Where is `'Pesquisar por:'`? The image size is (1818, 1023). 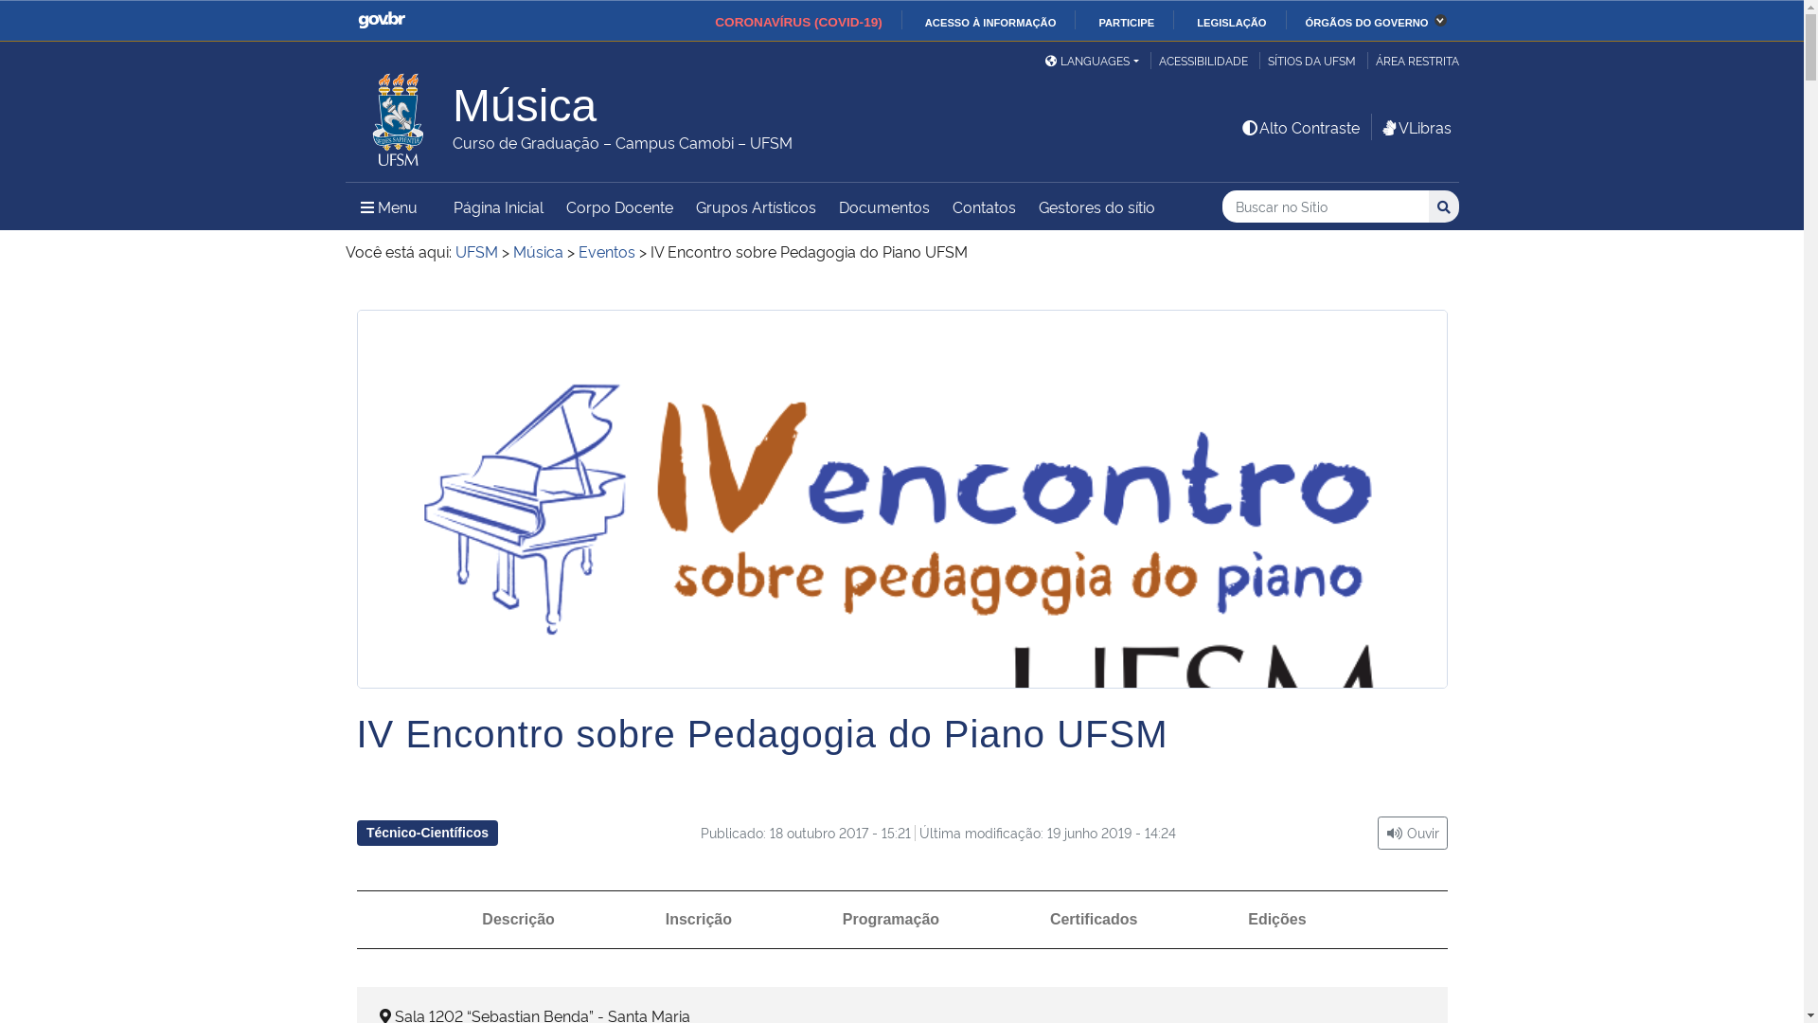
'Pesquisar por:' is located at coordinates (1325, 206).